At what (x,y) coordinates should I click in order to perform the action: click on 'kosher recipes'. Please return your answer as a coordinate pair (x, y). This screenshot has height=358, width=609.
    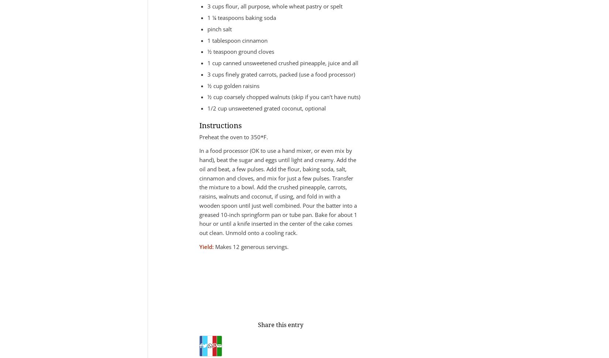
    Looking at the image, I should click on (291, 278).